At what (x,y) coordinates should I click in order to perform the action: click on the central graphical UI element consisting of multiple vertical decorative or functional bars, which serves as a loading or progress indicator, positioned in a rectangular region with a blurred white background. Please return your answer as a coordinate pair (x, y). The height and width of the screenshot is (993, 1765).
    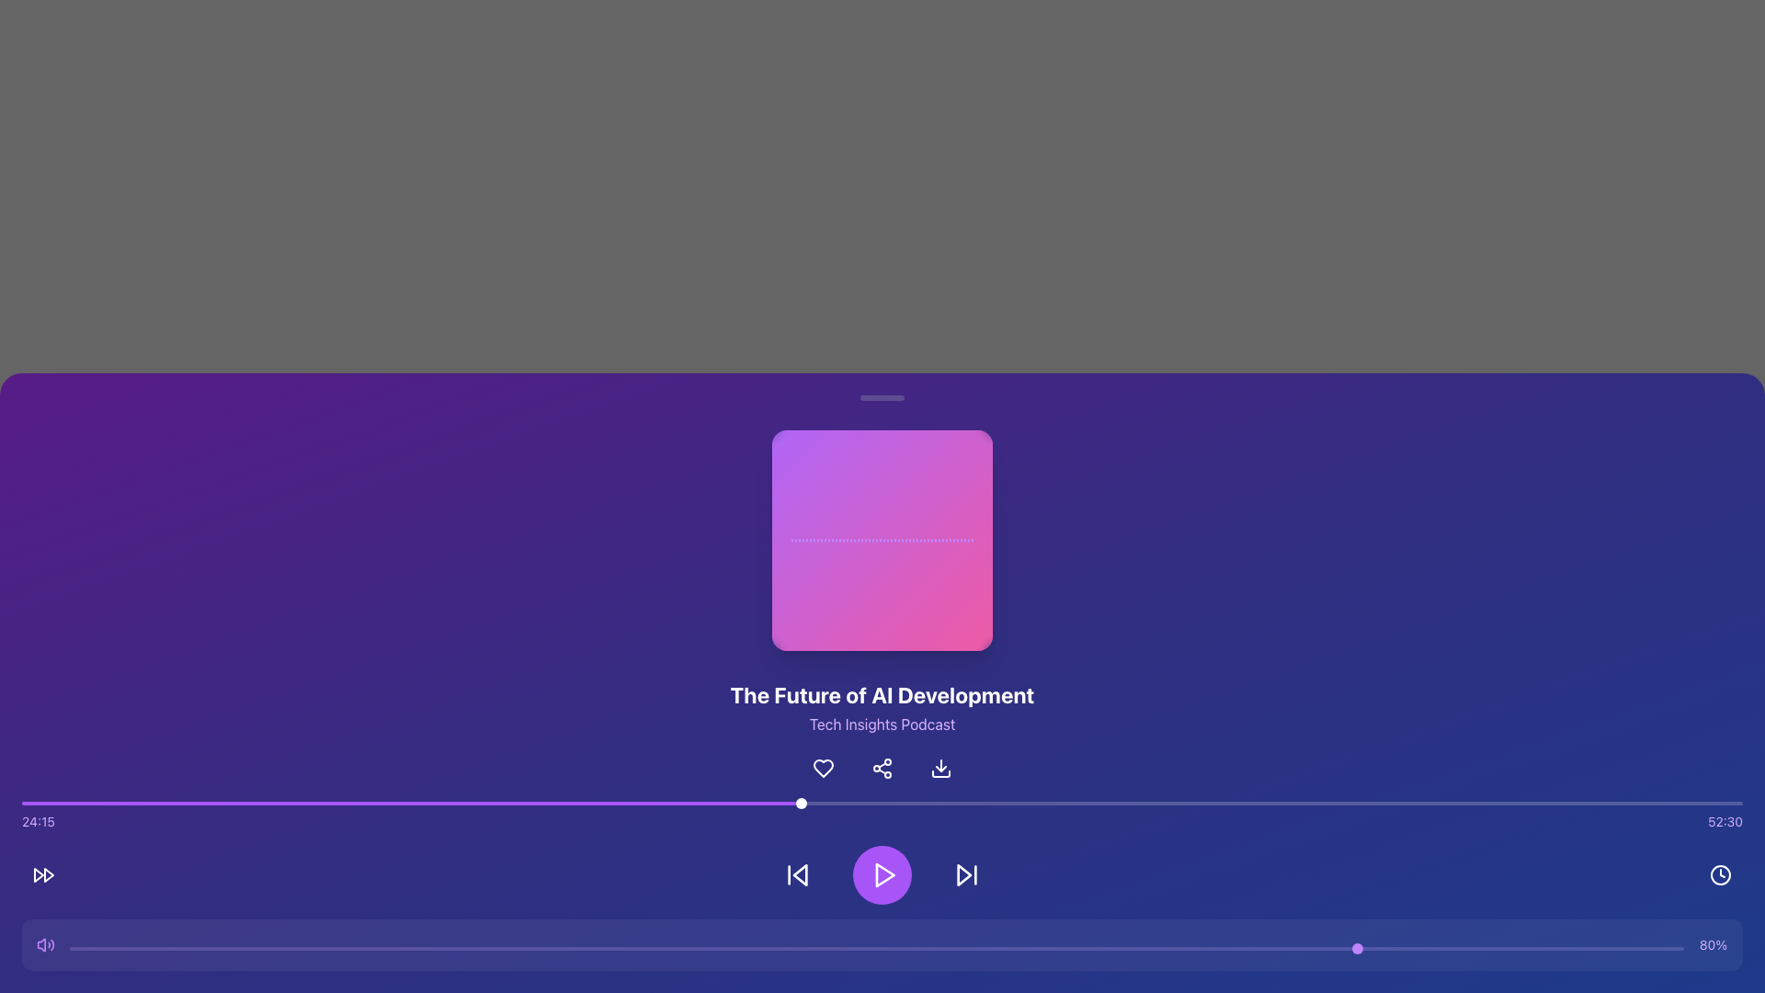
    Looking at the image, I should click on (882, 539).